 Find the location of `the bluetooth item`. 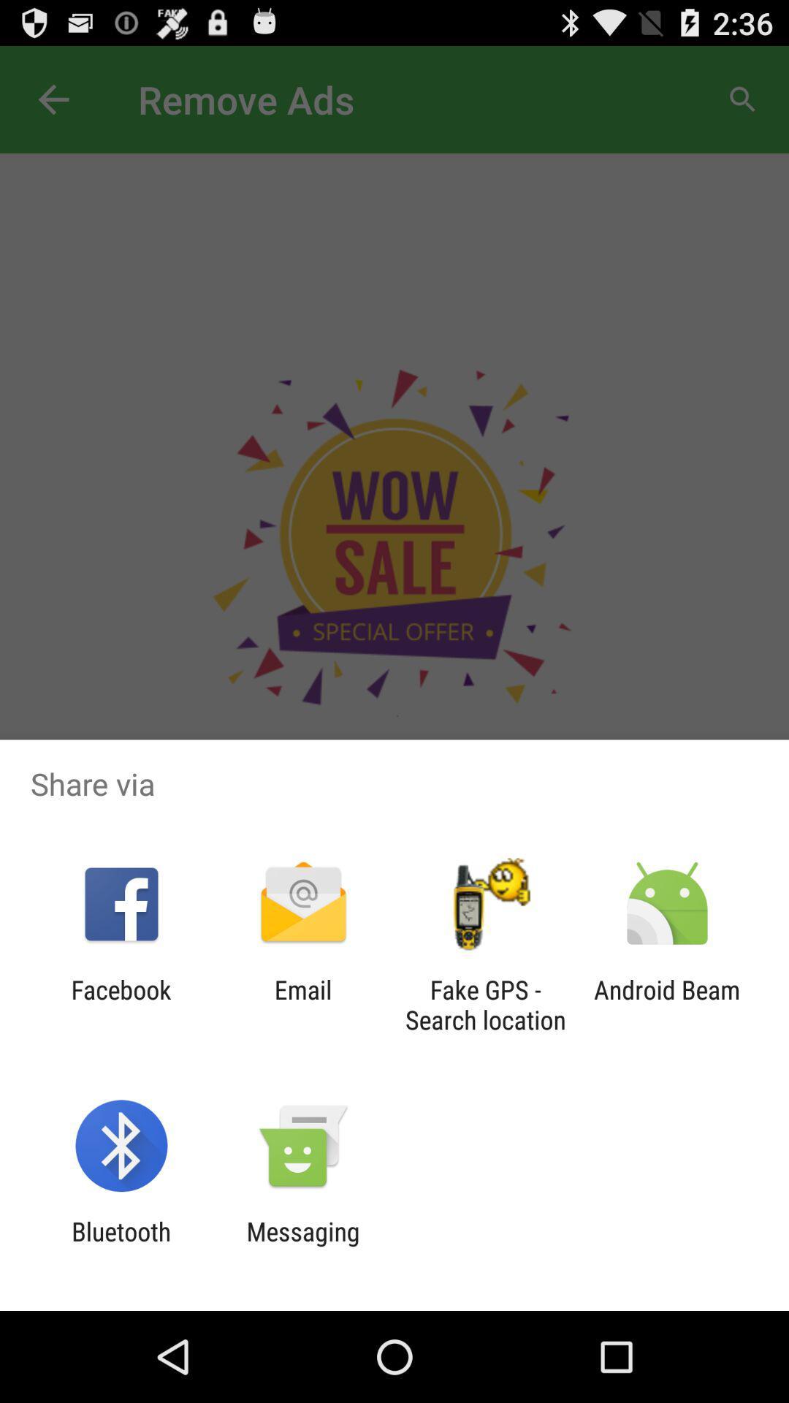

the bluetooth item is located at coordinates (121, 1246).